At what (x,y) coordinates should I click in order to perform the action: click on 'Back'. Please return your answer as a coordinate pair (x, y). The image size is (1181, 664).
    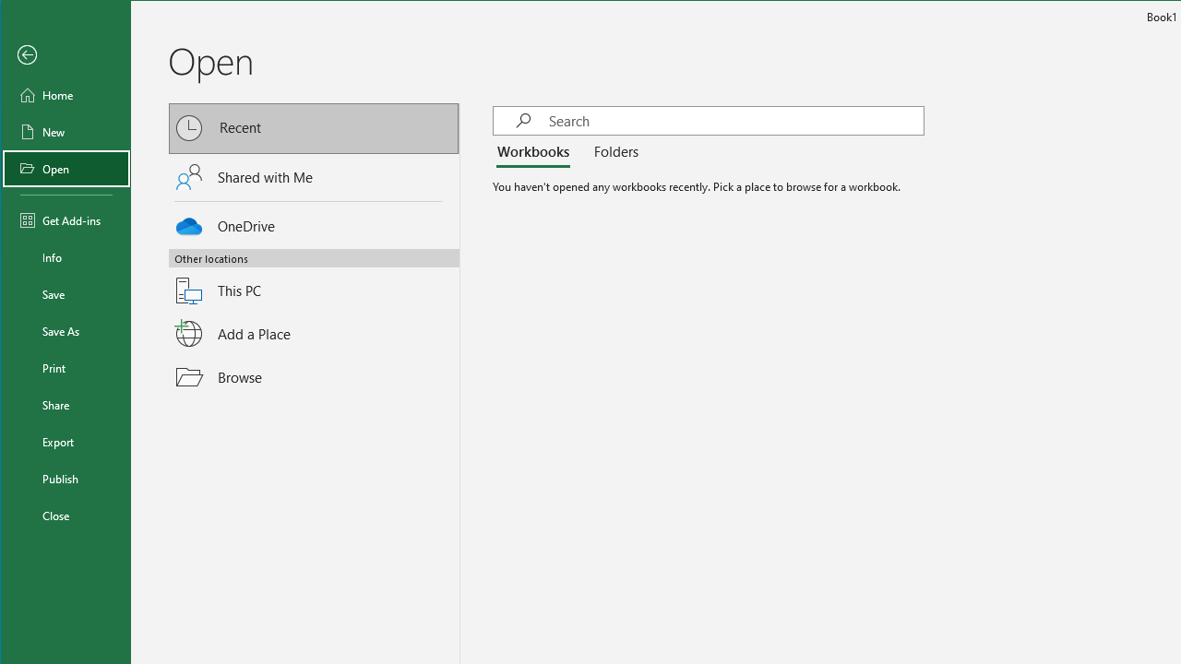
    Looking at the image, I should click on (66, 54).